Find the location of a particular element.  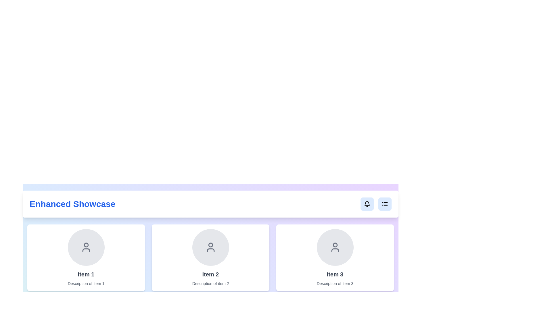

the user silhouette icon, which is the base part of the icon represented by a rounded rectangle, located in the center of the second item card above the text 'Item 2' is located at coordinates (210, 250).